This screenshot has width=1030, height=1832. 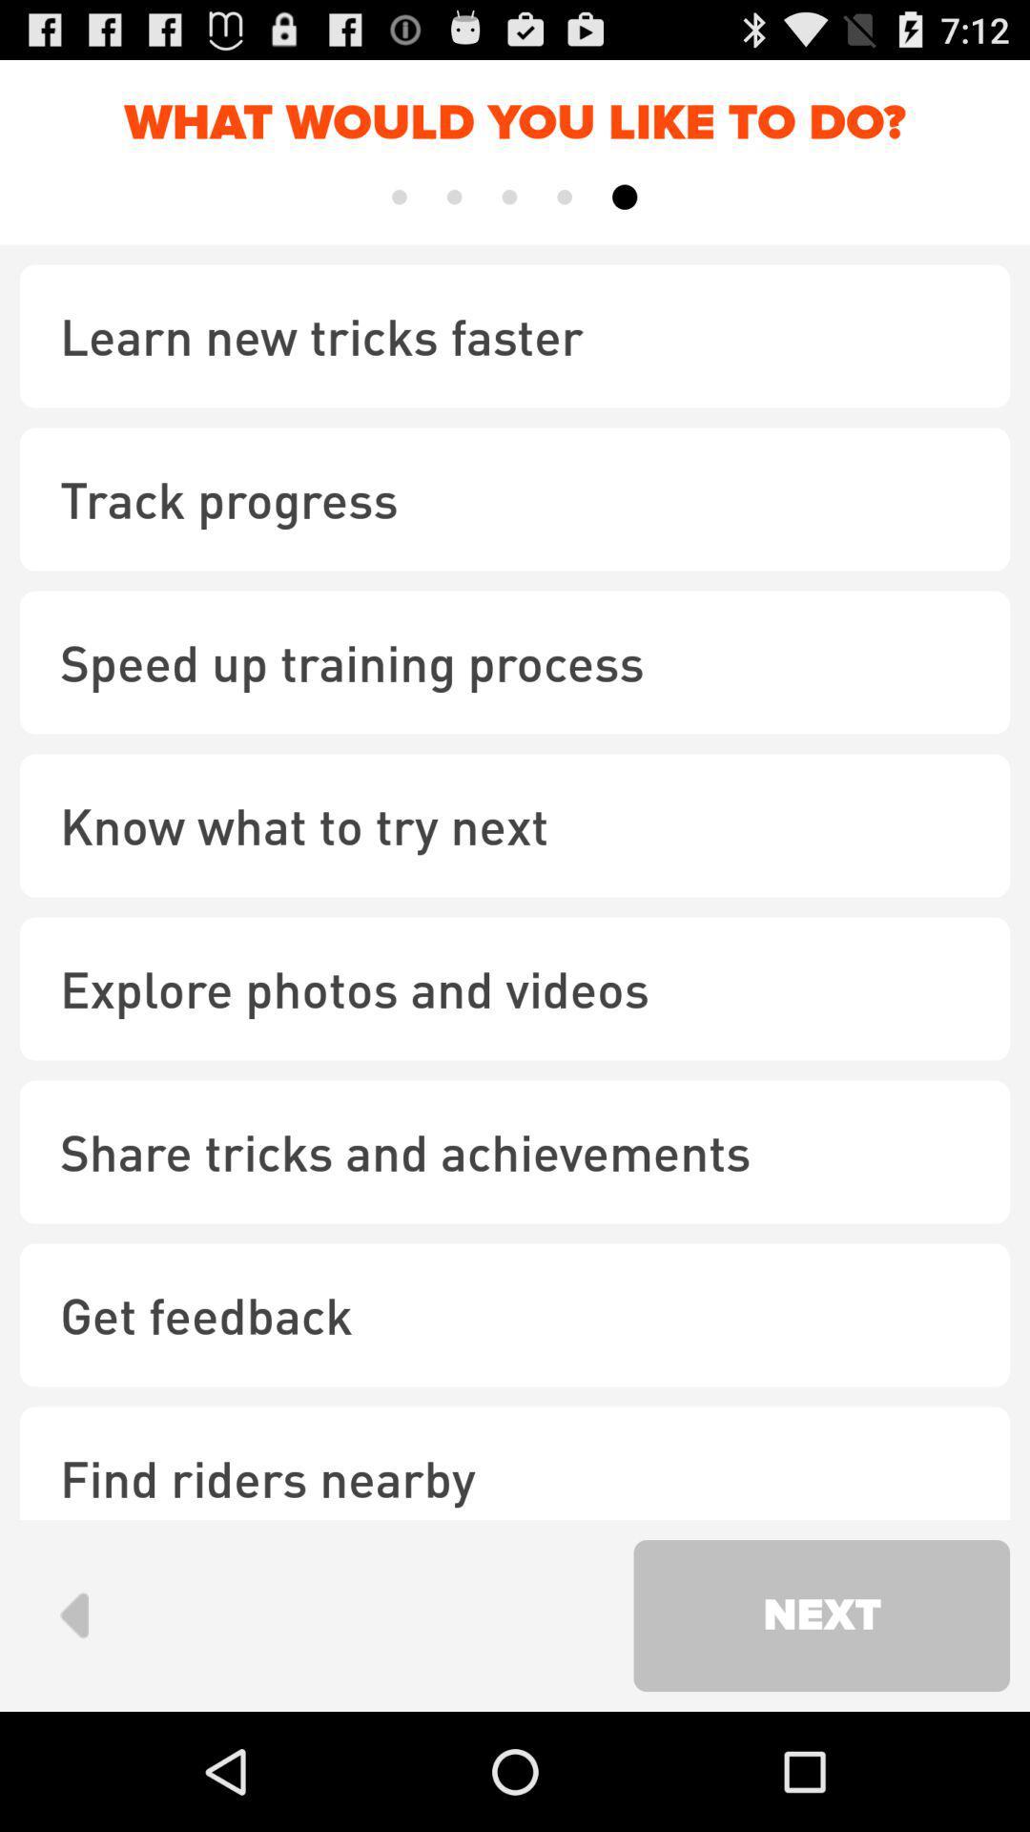 I want to click on share tricks and item, so click(x=515, y=1151).